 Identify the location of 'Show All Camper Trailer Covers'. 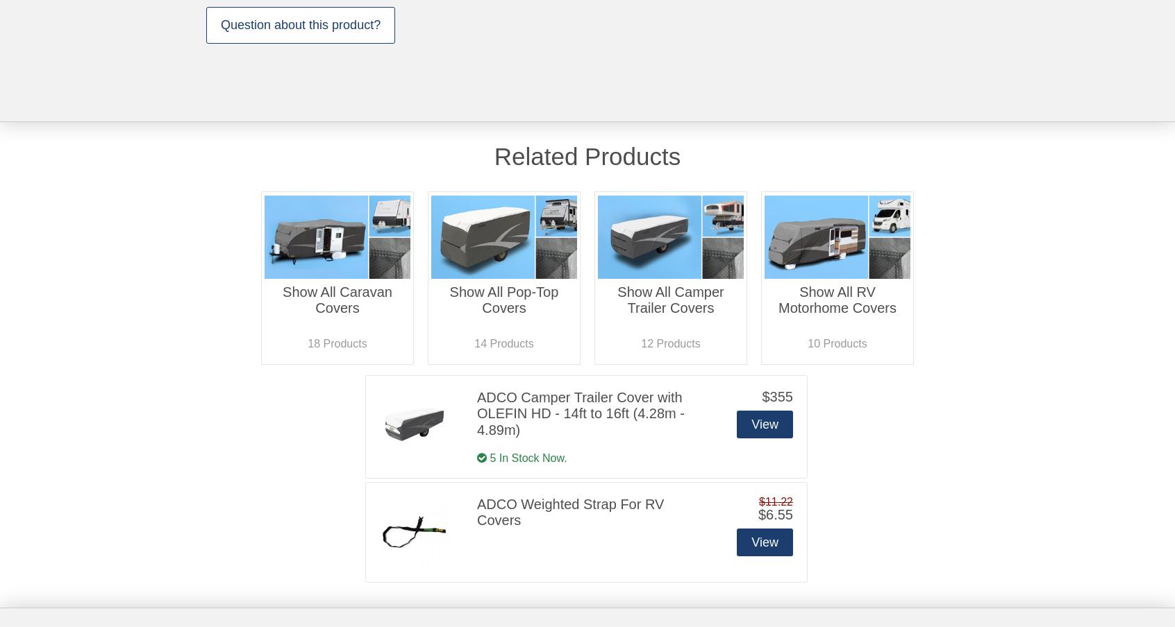
(616, 300).